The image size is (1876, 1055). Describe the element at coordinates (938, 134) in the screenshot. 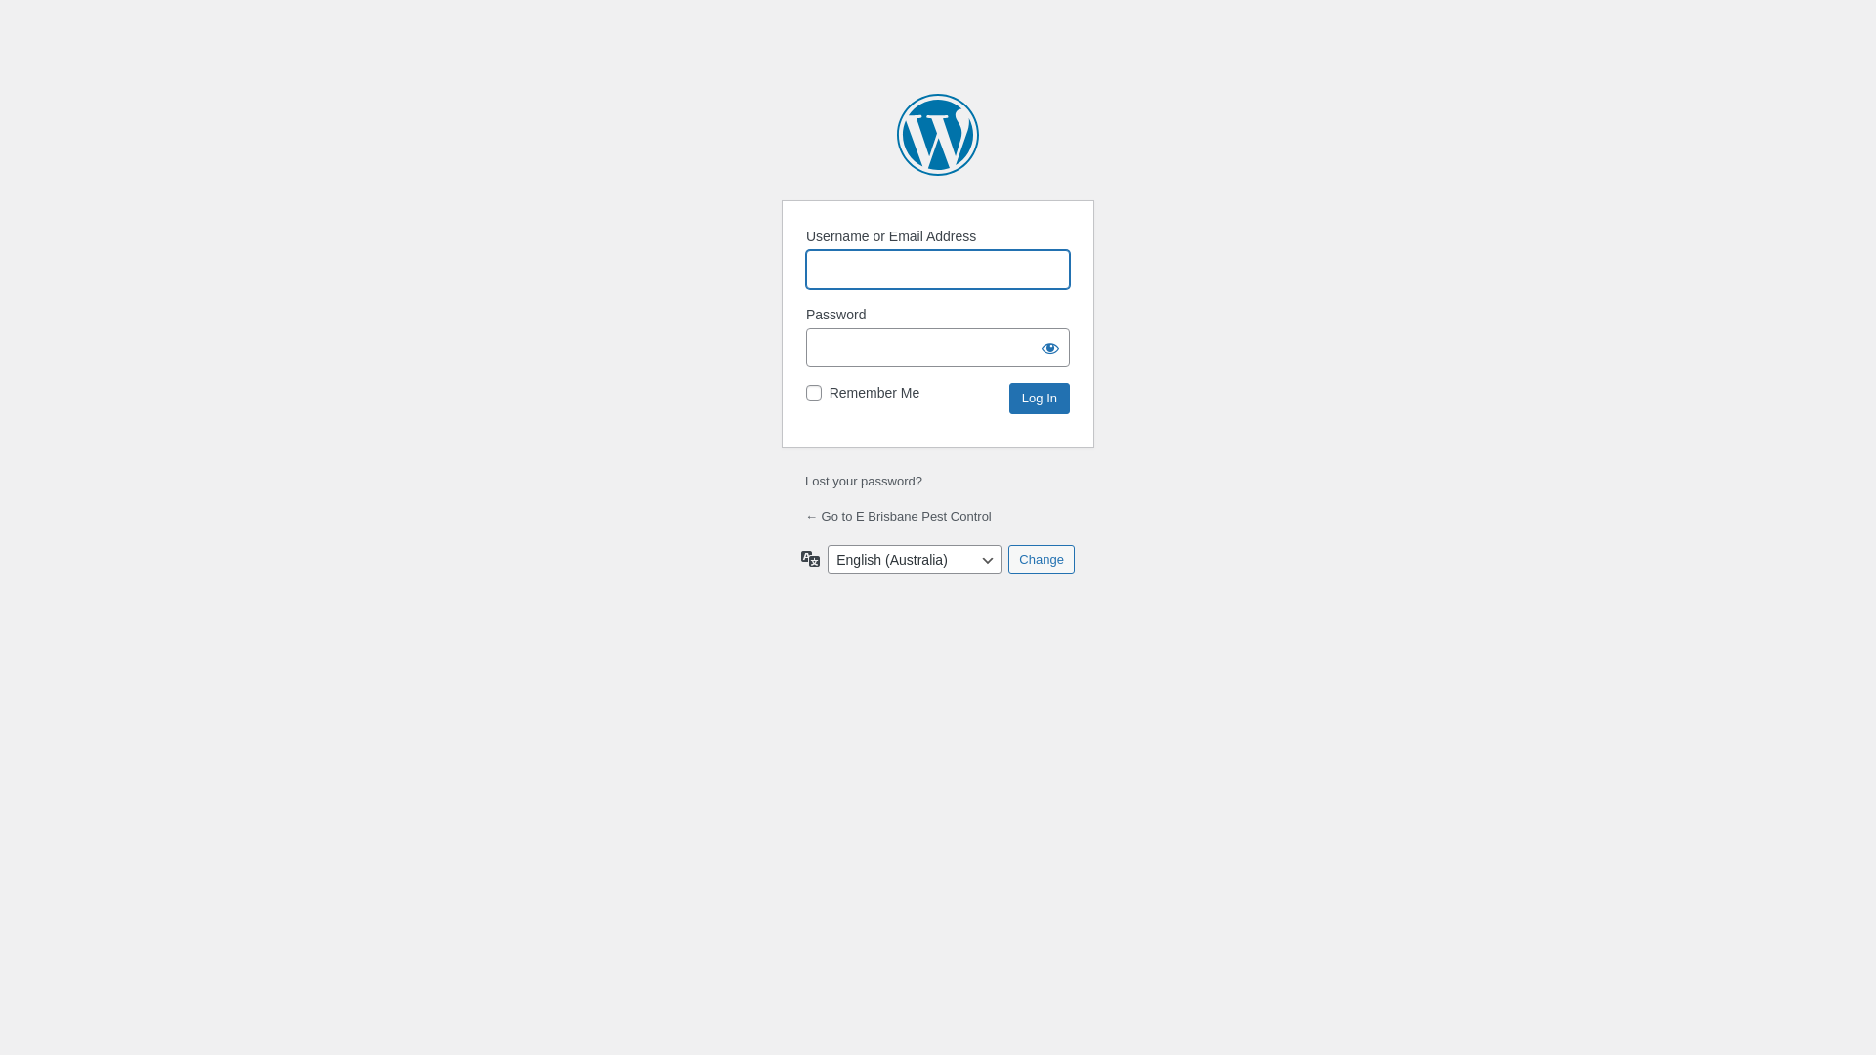

I see `'Powered by WordPress'` at that location.